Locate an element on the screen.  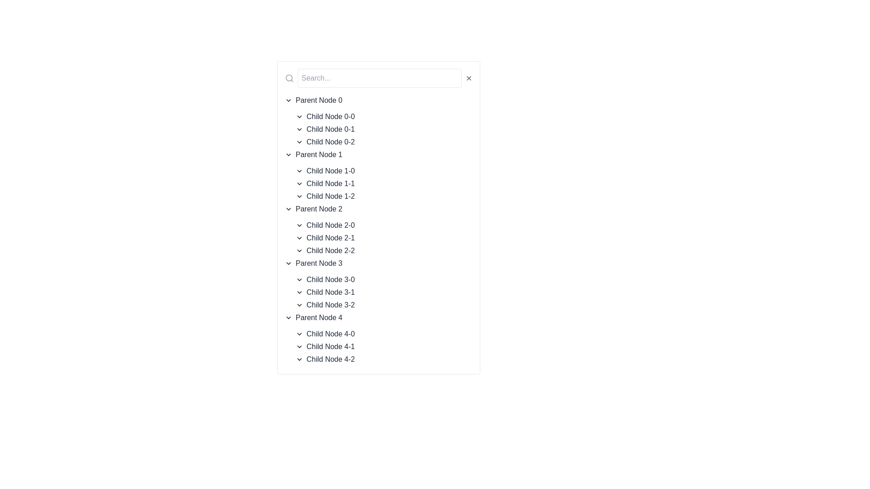
search icon element located at the start of the input field for accessibility features is located at coordinates (289, 78).